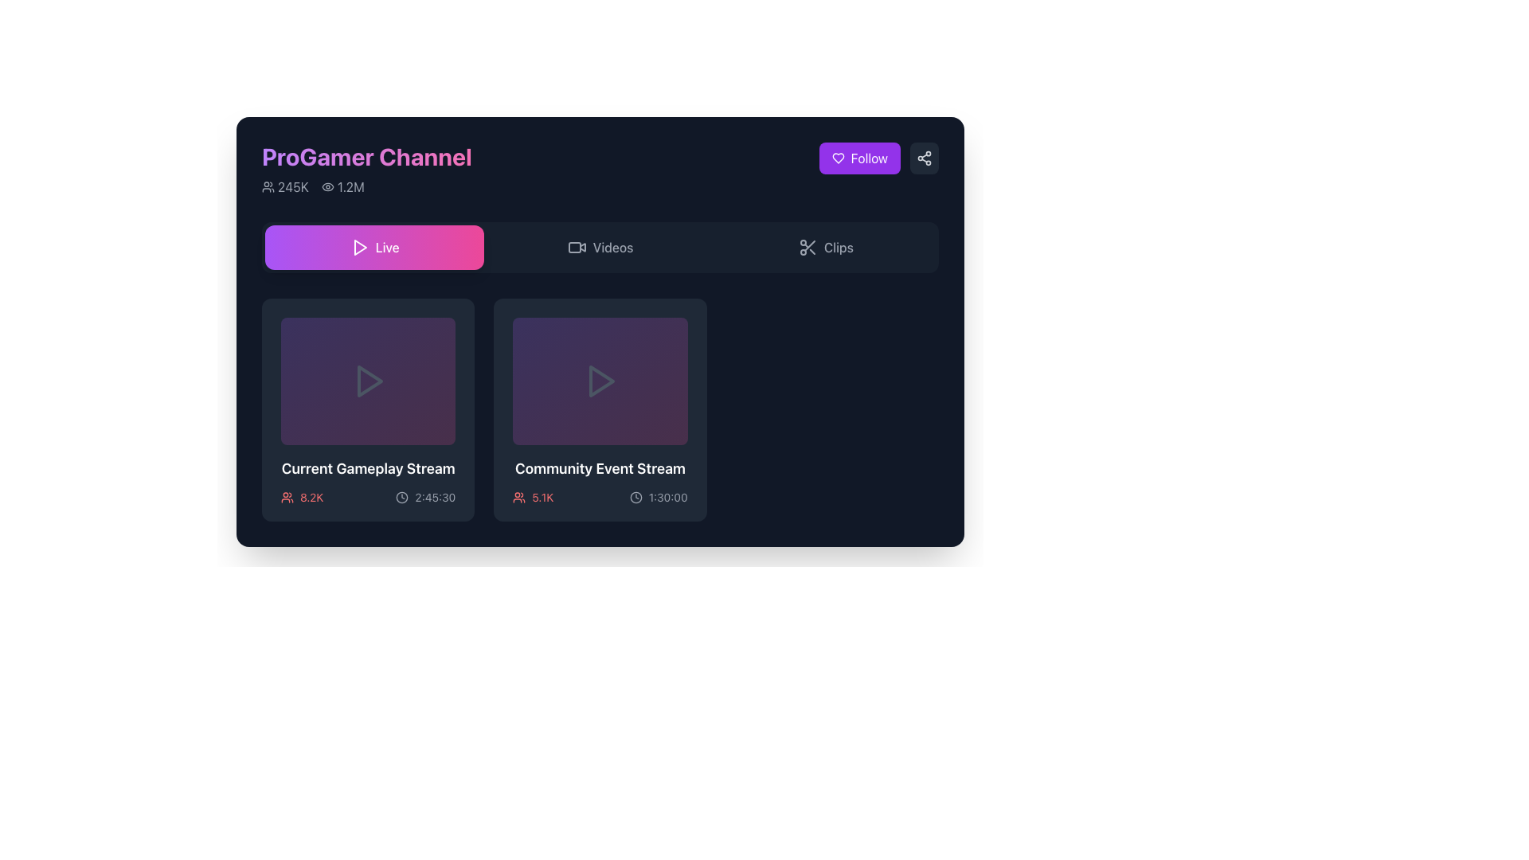 The image size is (1529, 860). What do you see at coordinates (825, 248) in the screenshot?
I see `the 'Clips' button located in the rightmost section of the horizontal navigation bar, which follows the 'Videos' button` at bounding box center [825, 248].